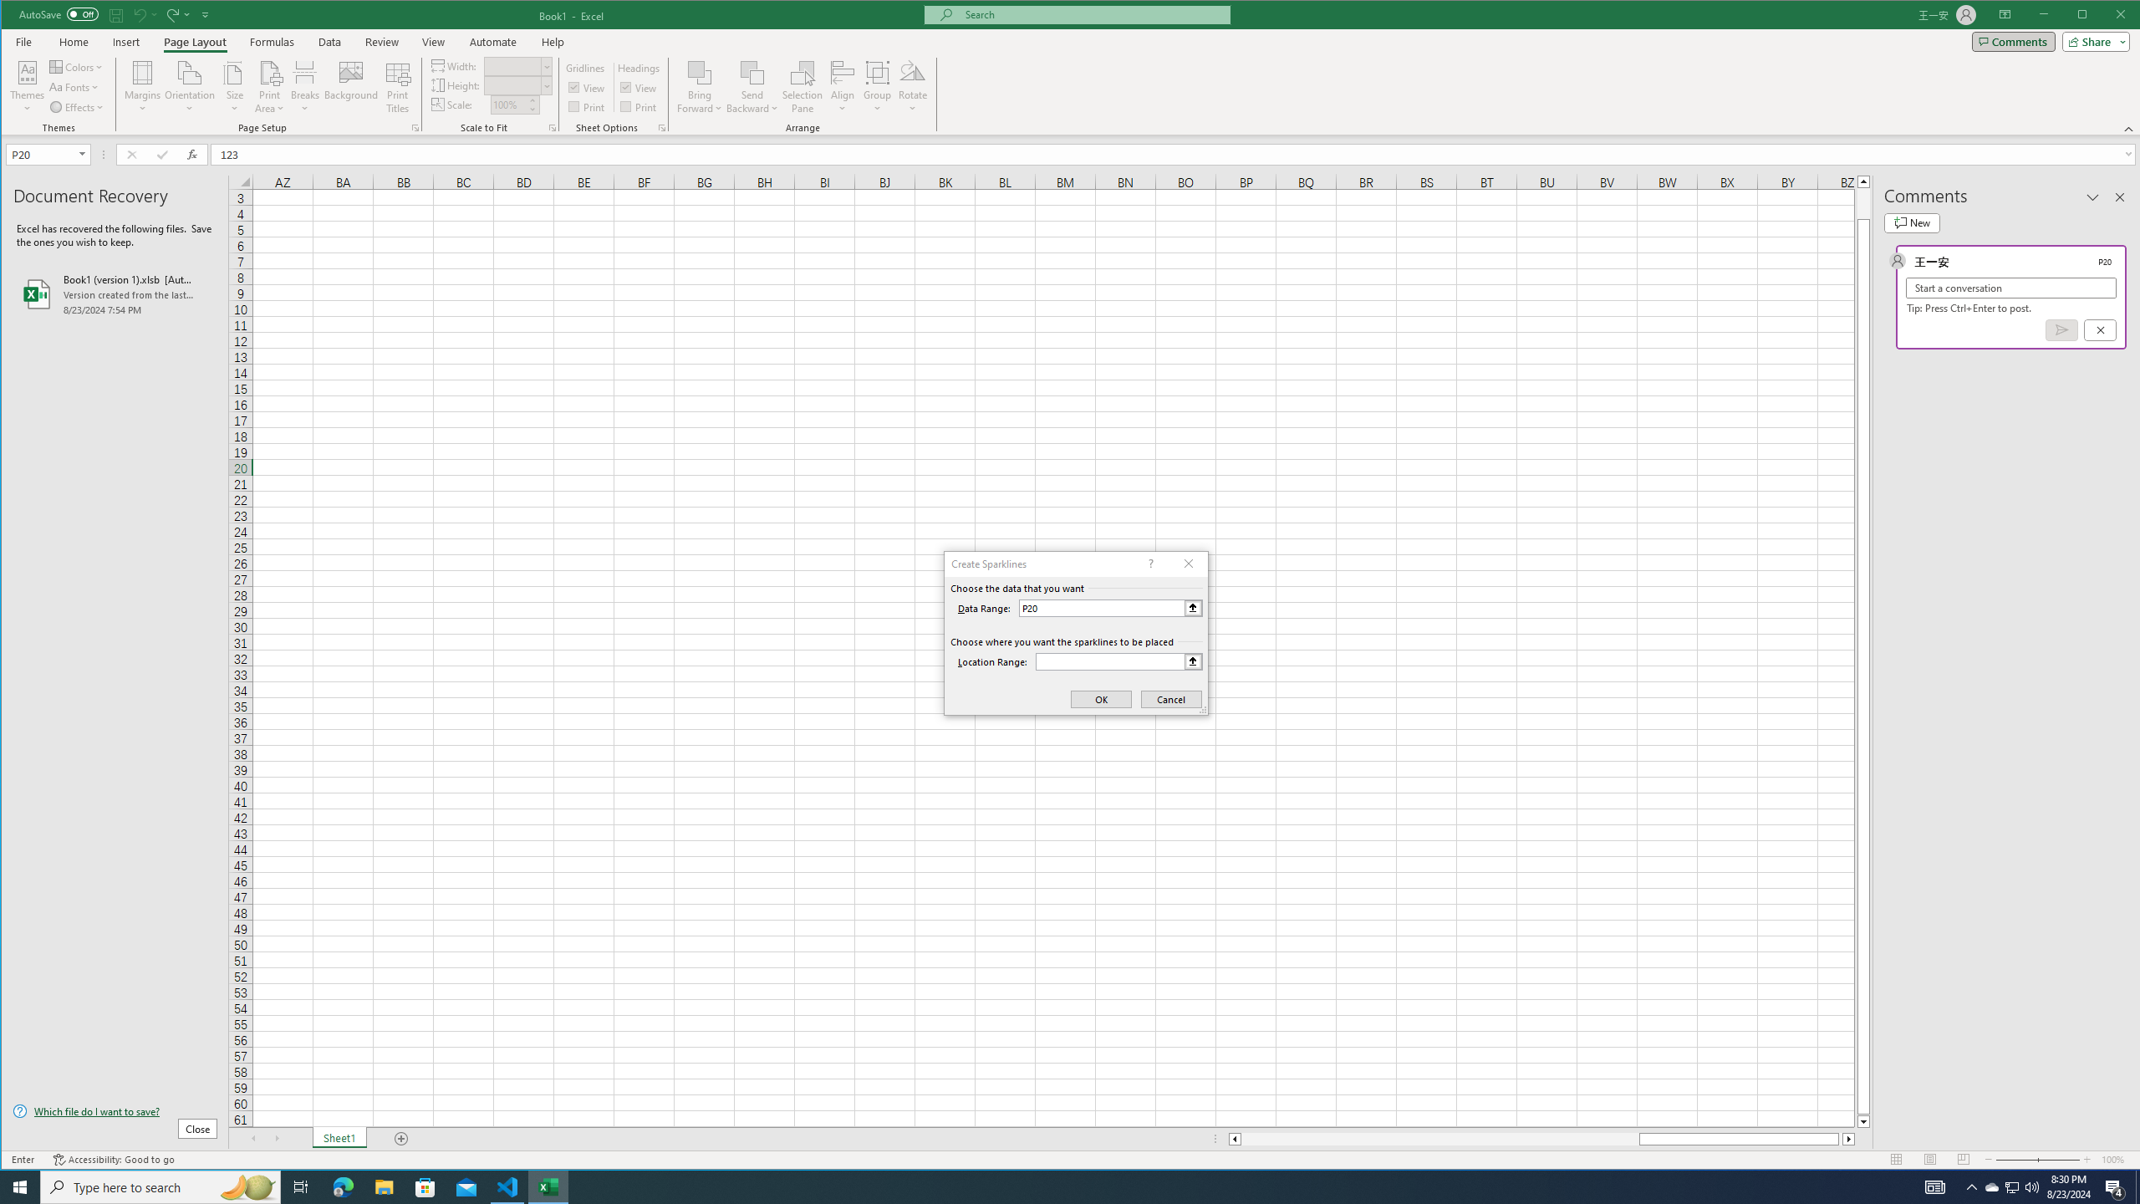 The height and width of the screenshot is (1204, 2140). I want to click on 'Less', so click(531, 109).